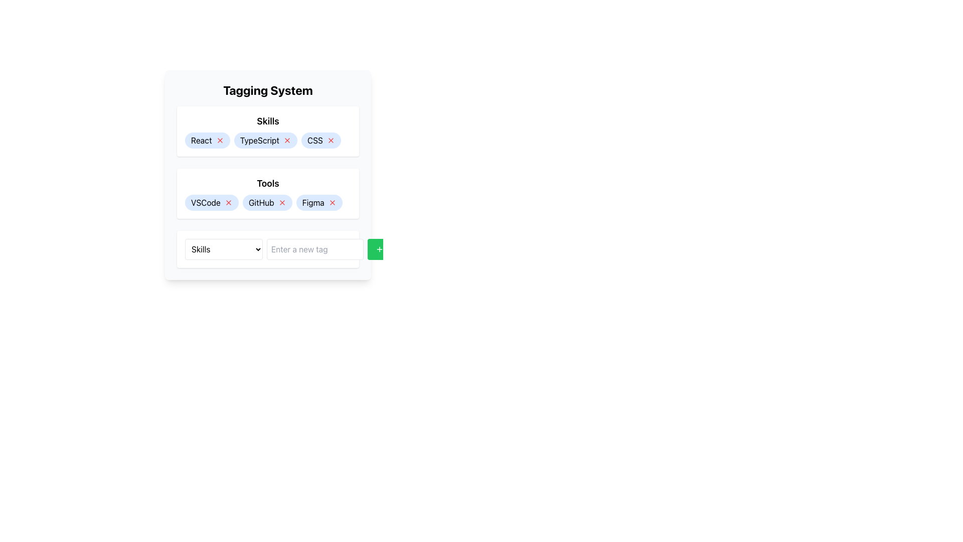  What do you see at coordinates (281, 203) in the screenshot?
I see `the red 'X' icon on the Close button` at bounding box center [281, 203].